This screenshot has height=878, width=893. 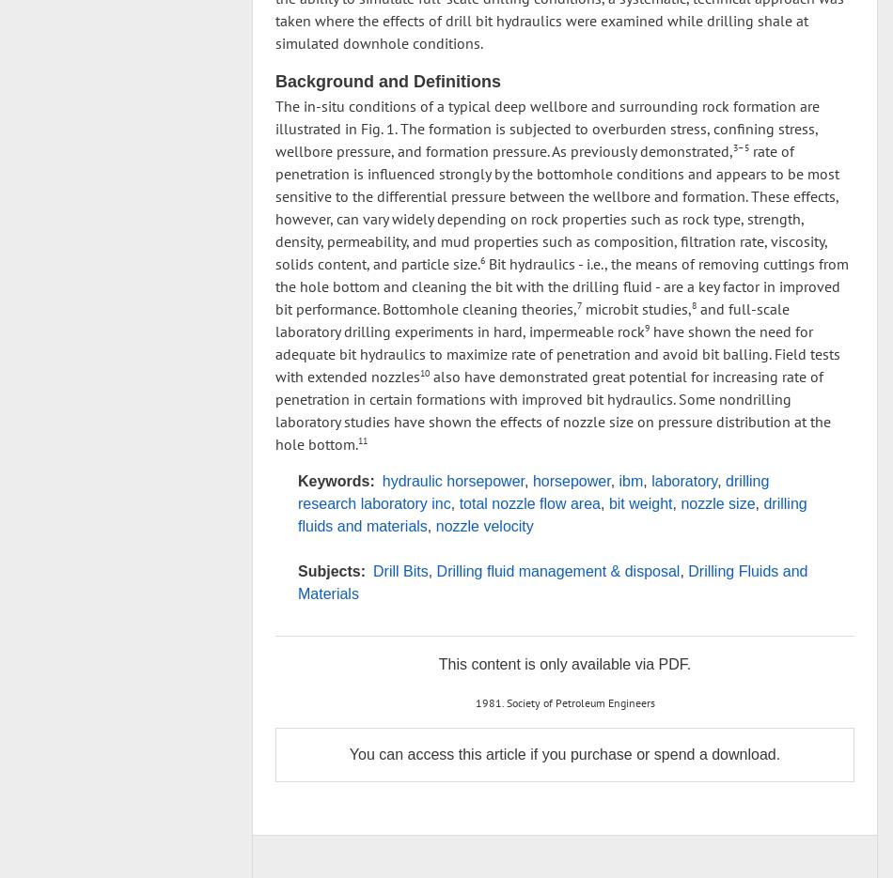 I want to click on '8', so click(x=693, y=304).